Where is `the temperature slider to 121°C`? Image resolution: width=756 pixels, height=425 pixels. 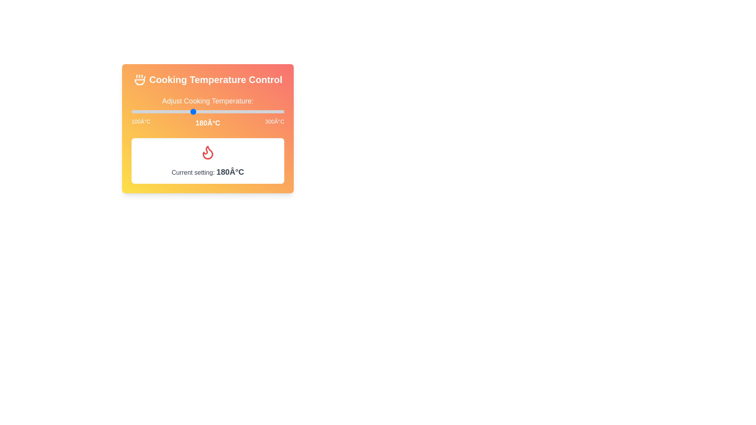 the temperature slider to 121°C is located at coordinates (147, 112).